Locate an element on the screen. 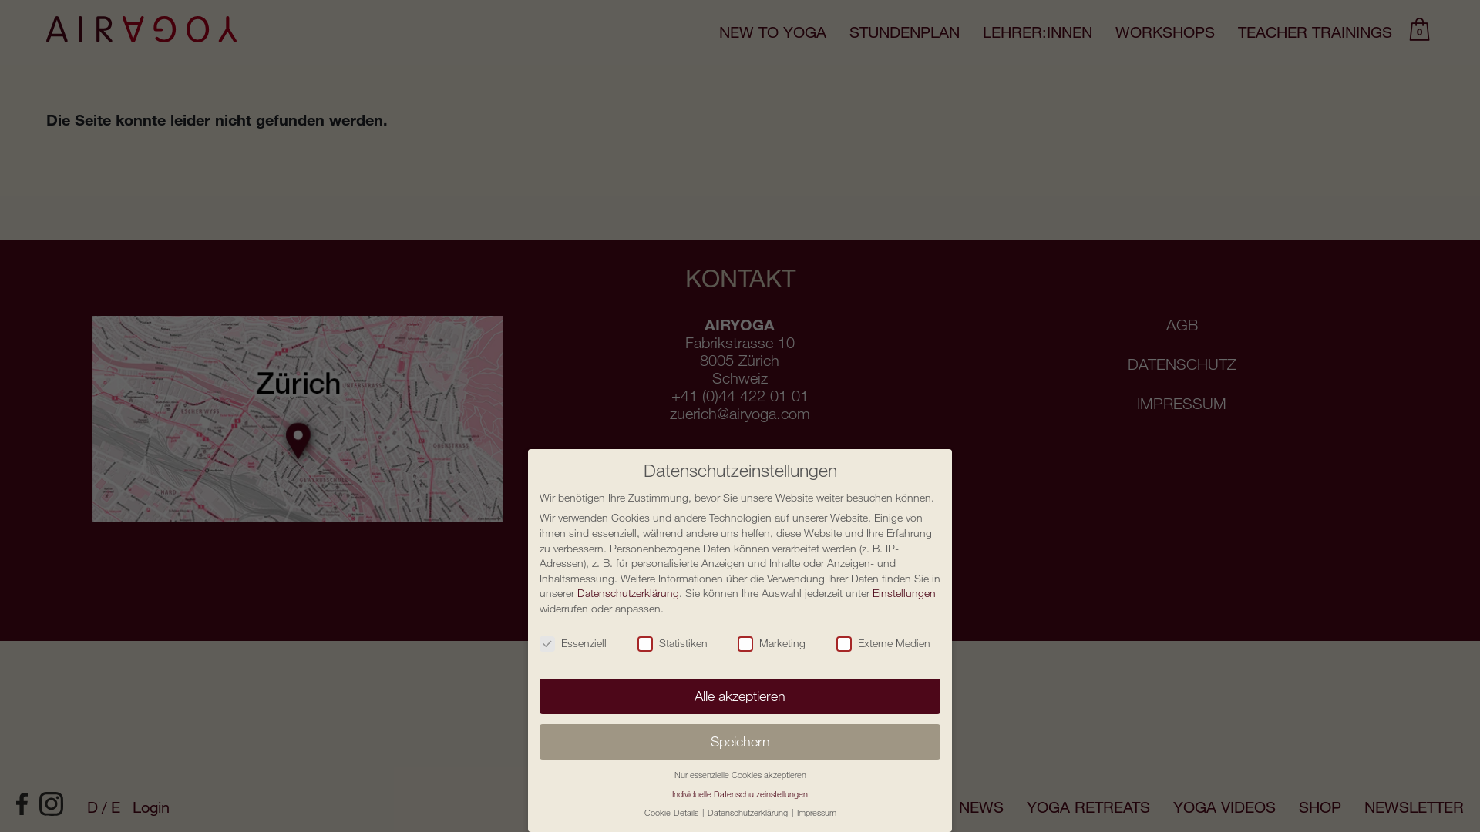  'NEWSLETTER' is located at coordinates (1414, 806).